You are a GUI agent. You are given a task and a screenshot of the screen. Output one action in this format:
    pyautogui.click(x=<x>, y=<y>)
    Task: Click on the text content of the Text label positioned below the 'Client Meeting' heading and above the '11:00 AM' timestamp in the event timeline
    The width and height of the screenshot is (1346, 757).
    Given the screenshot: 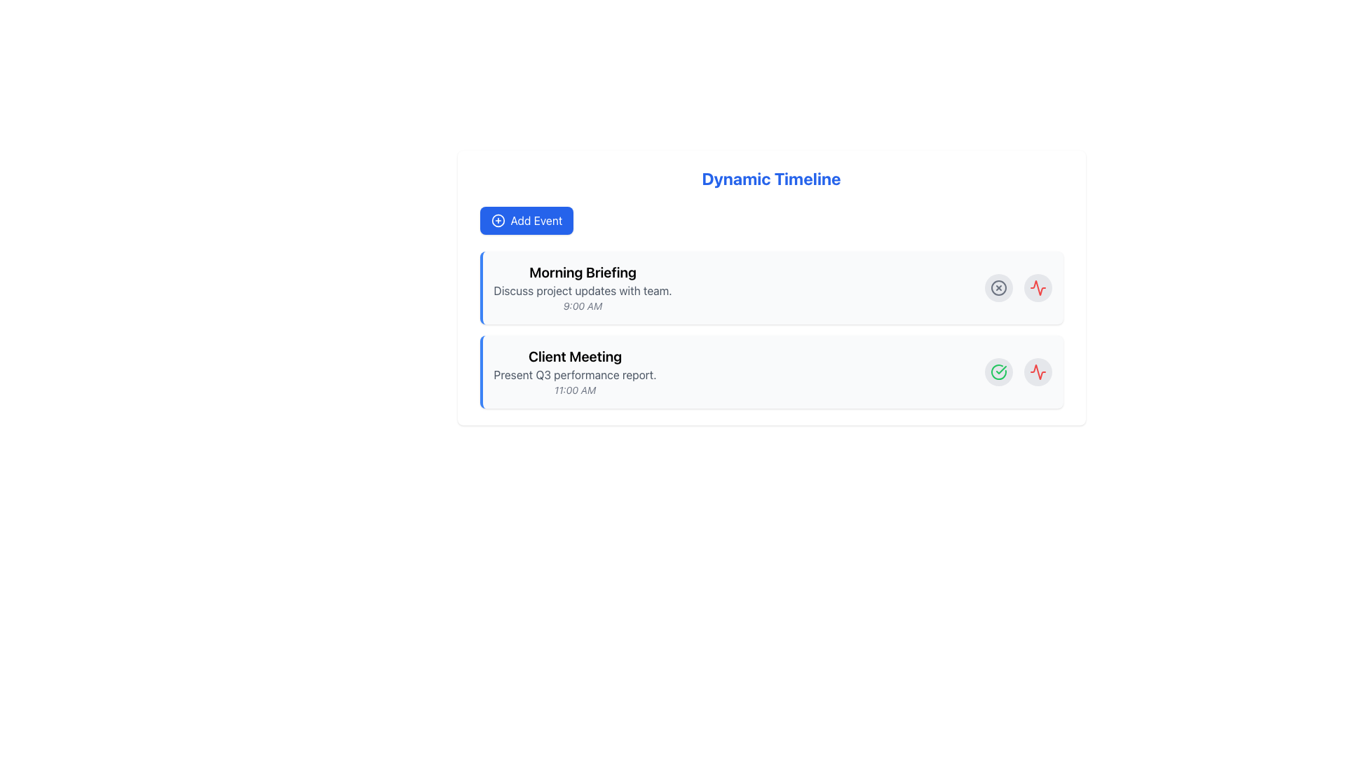 What is the action you would take?
    pyautogui.click(x=575, y=374)
    